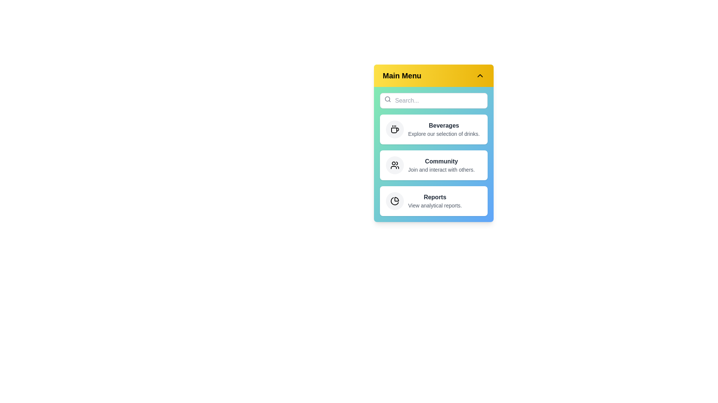 The width and height of the screenshot is (718, 403). Describe the element at coordinates (433, 76) in the screenshot. I see `toggle button at the top of the sidebar to toggle its visibility` at that location.